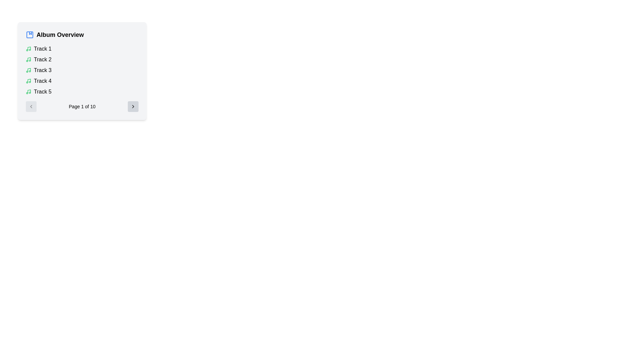 This screenshot has width=644, height=362. I want to click on title text 'Album Overview' which is a bold title accompanied by a blue album icon, located at the top of a light gray rectangular card, so click(82, 35).